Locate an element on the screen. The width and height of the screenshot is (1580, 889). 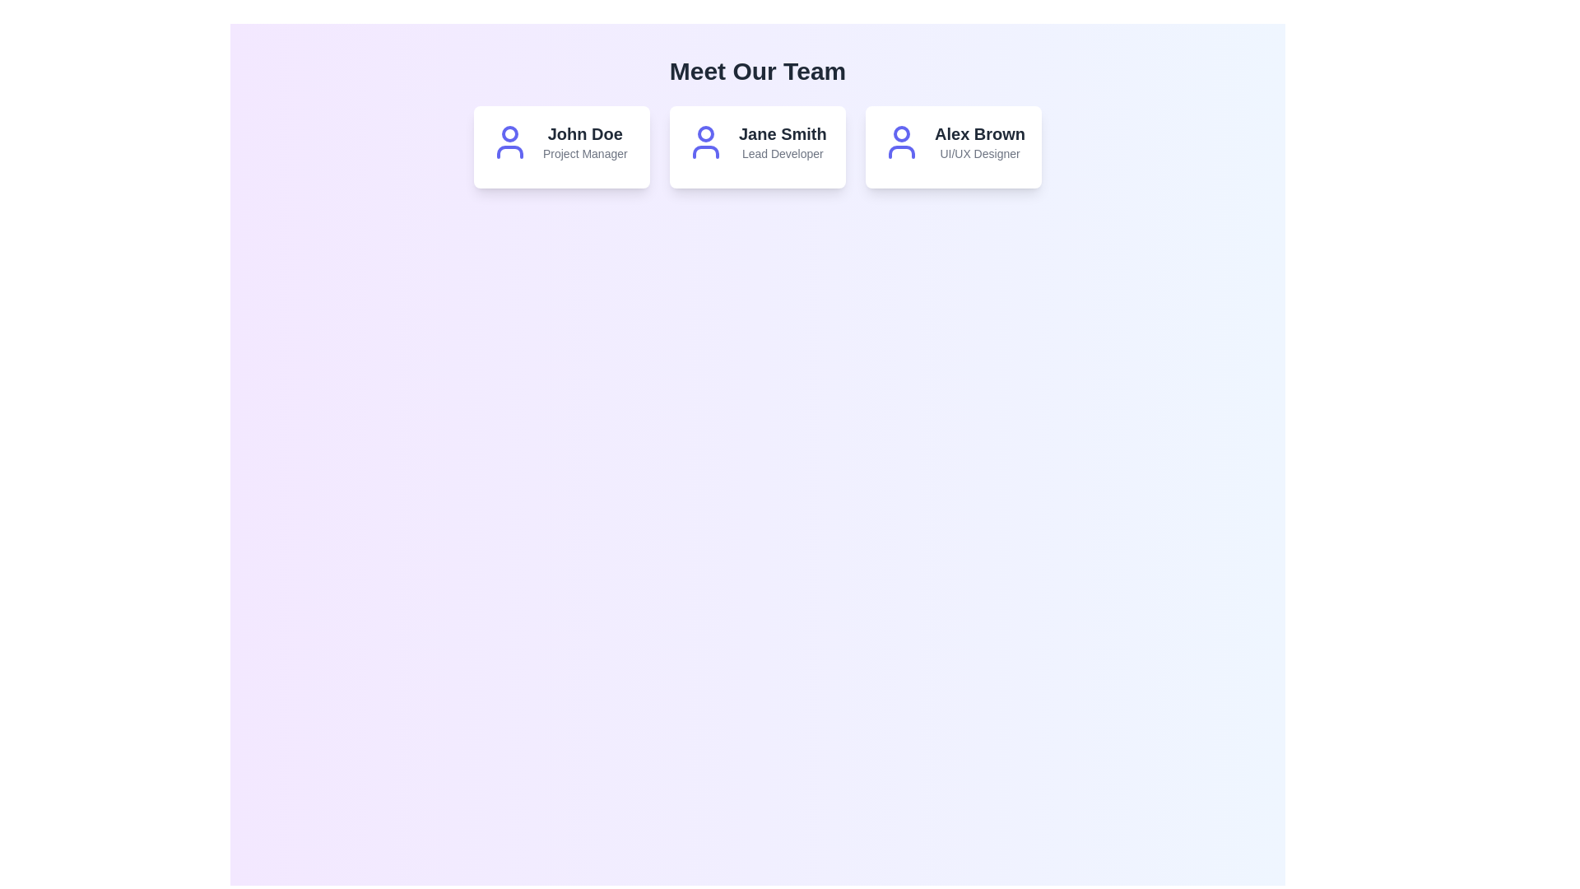
the user avatar icon in the top-left corner of the 'John Doe Project Manager' card, which is represented as a vibrant indigo circular head and shoulders figure is located at coordinates (509, 142).